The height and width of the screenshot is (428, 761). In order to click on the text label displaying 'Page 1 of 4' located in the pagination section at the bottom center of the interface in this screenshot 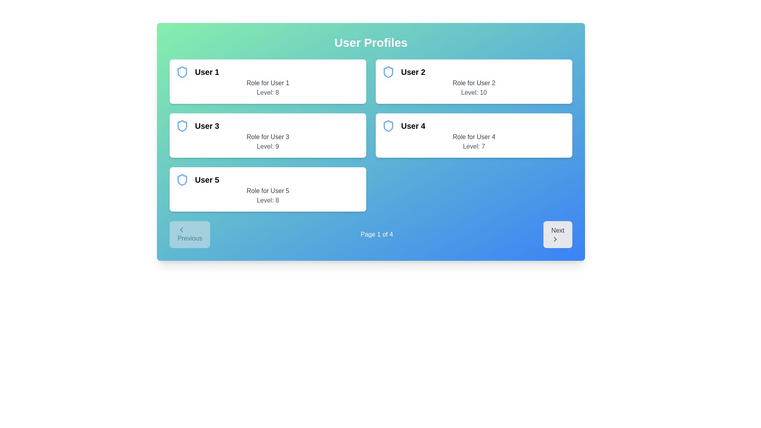, I will do `click(376, 234)`.